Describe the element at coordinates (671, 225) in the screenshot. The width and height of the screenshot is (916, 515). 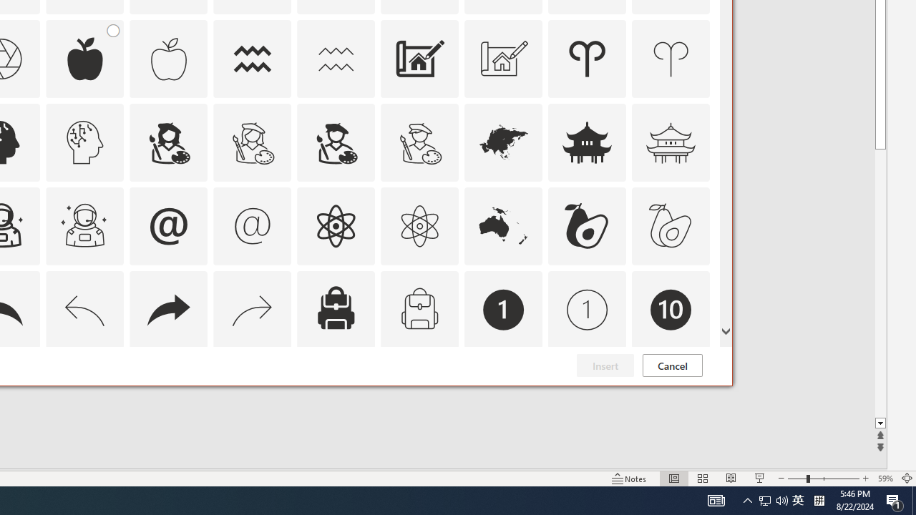
I see `'AutomationID: Icons_Avocado_M'` at that location.